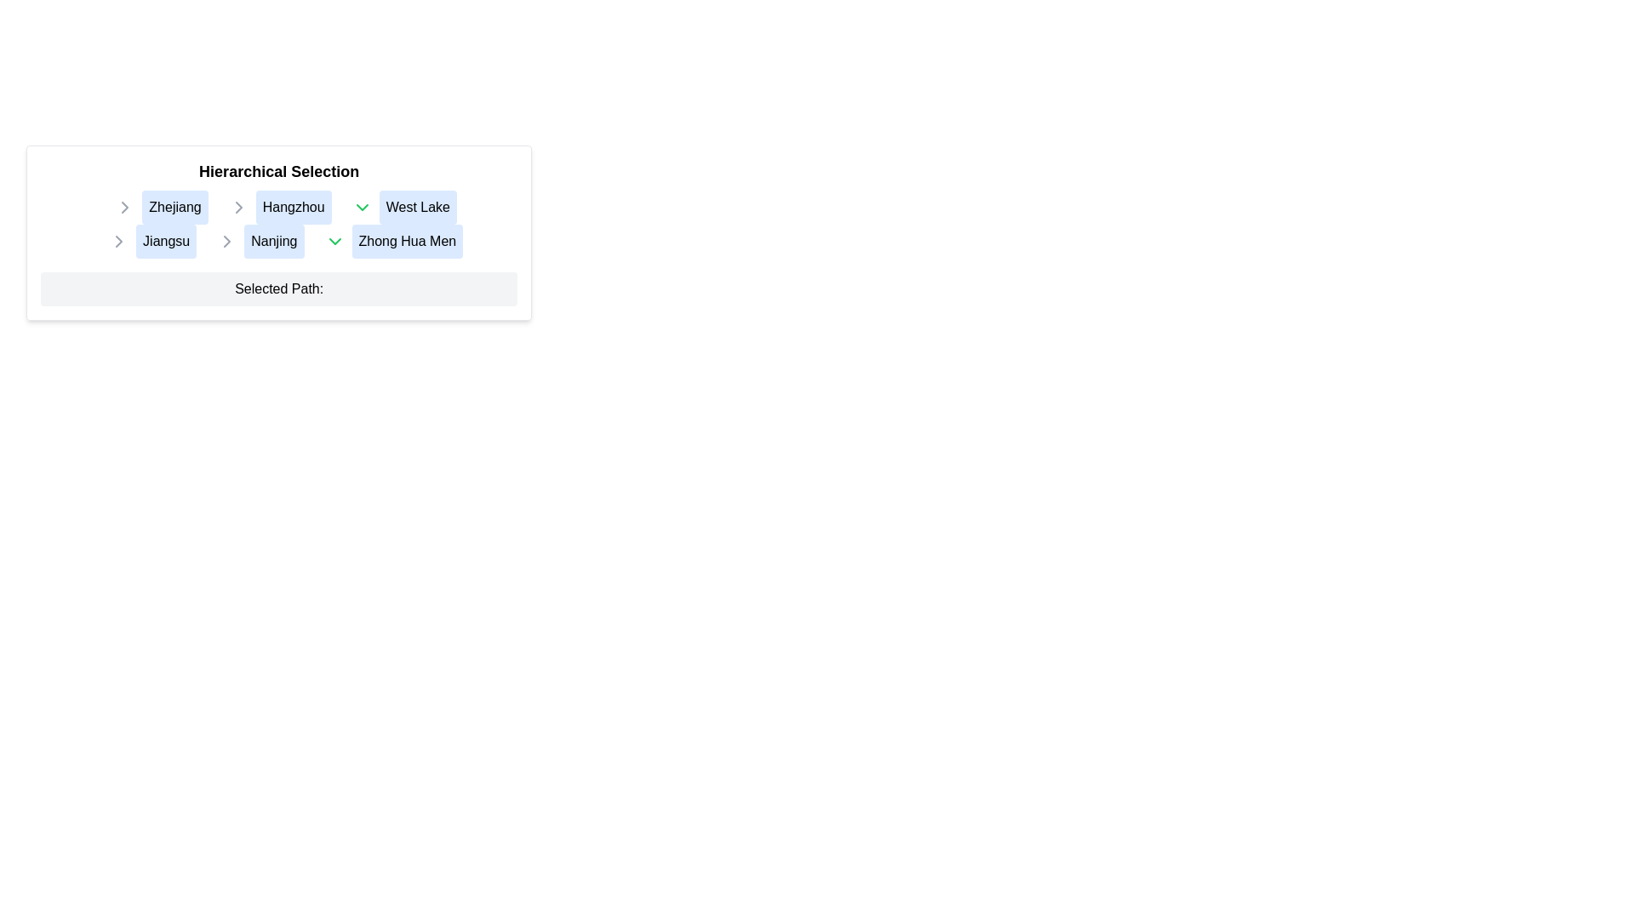  What do you see at coordinates (340, 242) in the screenshot?
I see `the text label displaying 'Nanjing Zhong Hua Men', which is part of a hierarchical selection interface and located in the bottom row to the right of the 'Nanjing' selection item` at bounding box center [340, 242].